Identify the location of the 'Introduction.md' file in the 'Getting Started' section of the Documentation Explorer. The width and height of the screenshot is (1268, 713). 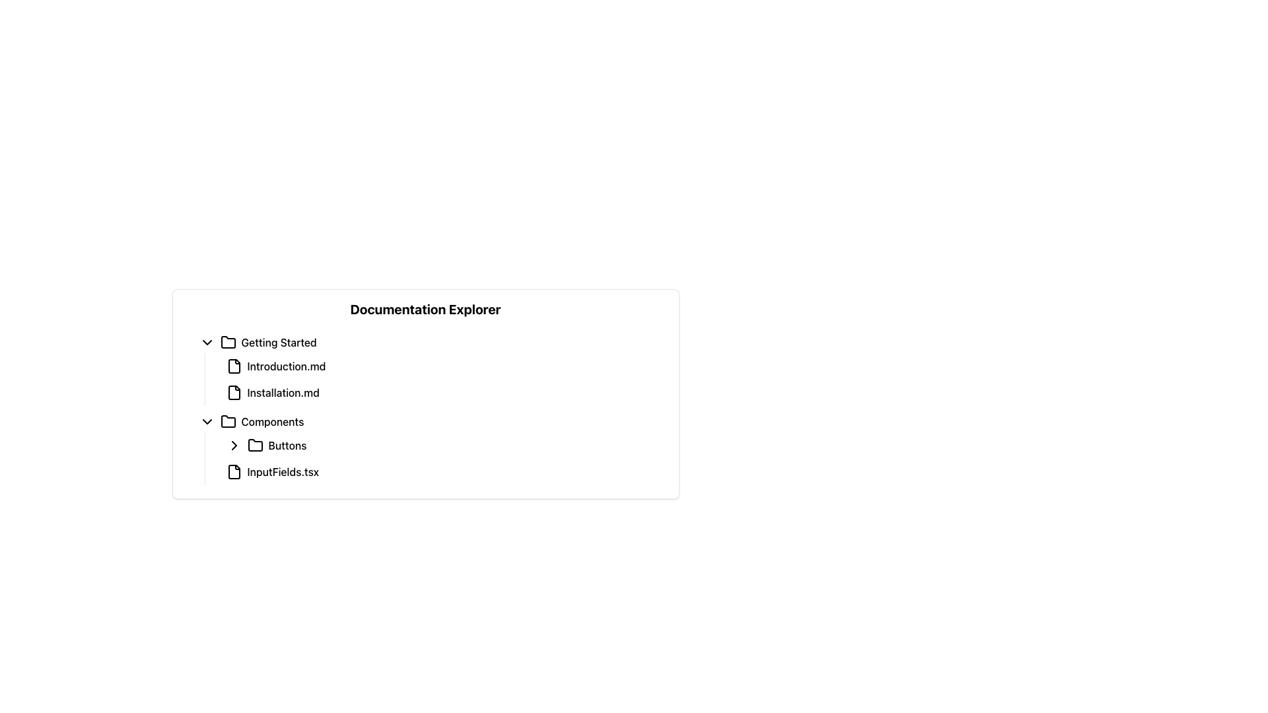
(275, 366).